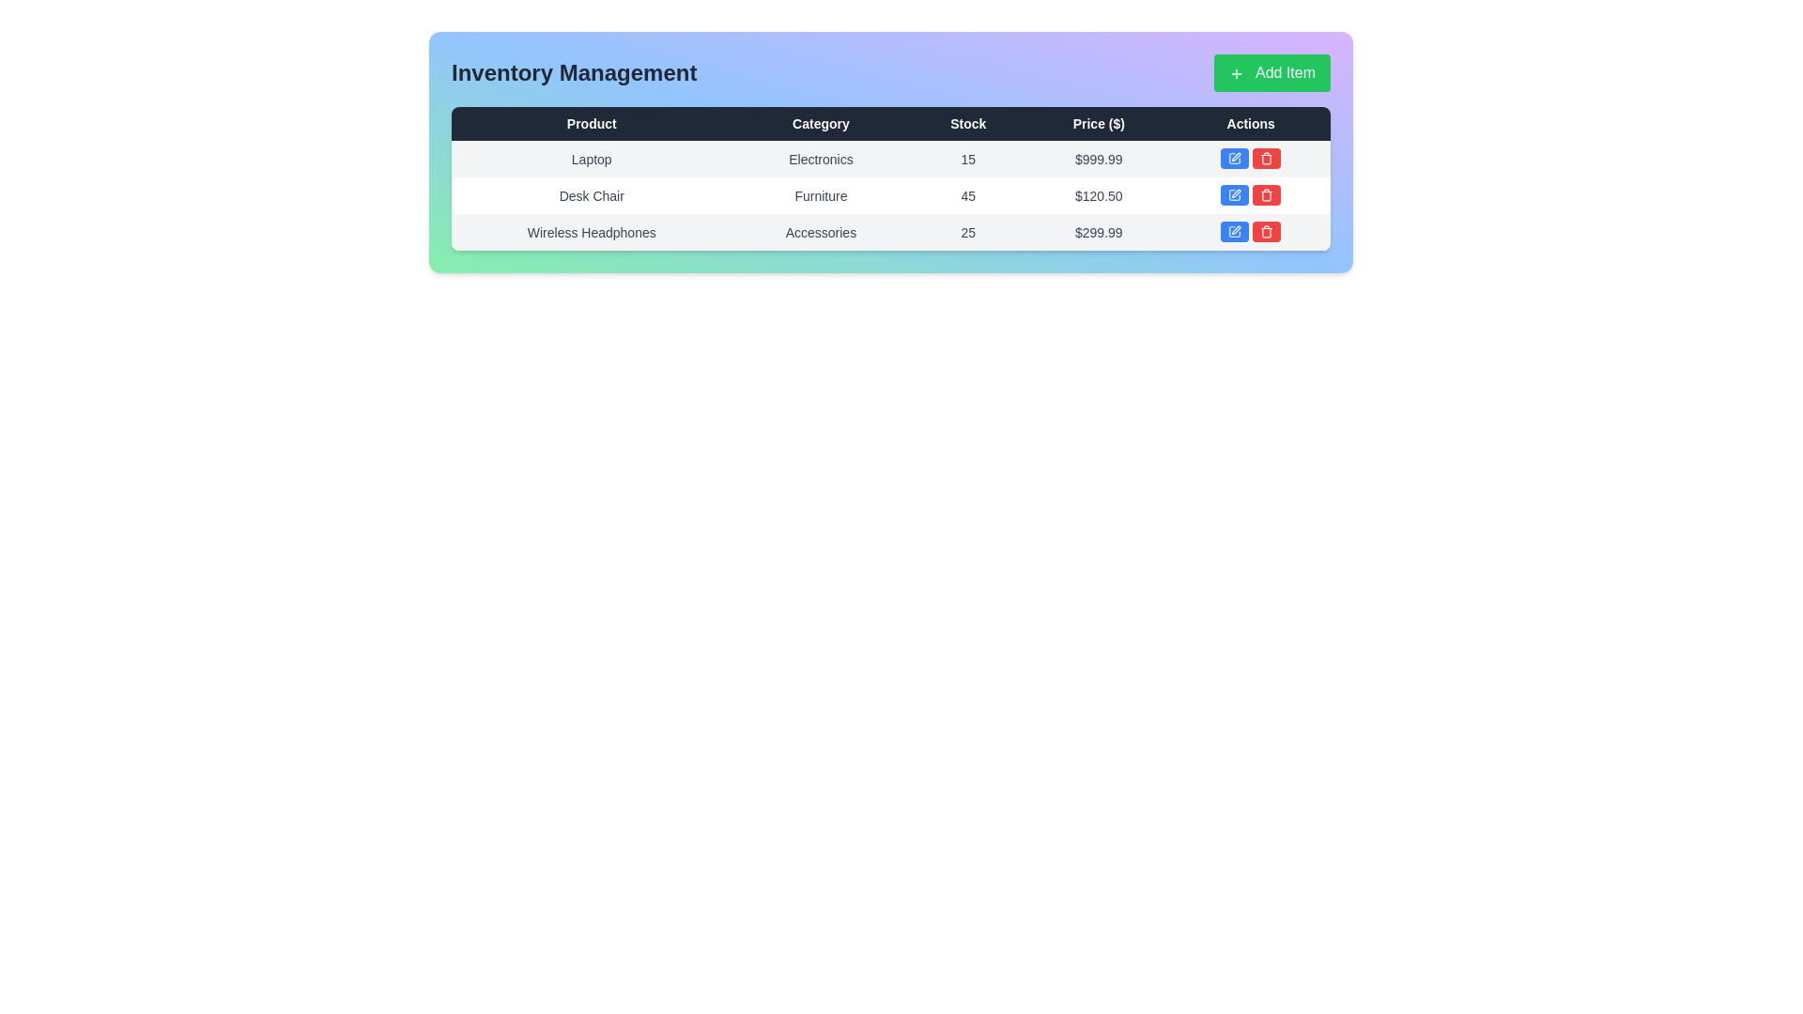 This screenshot has height=1014, width=1803. What do you see at coordinates (1267, 230) in the screenshot?
I see `the red trash bin icon button located under the 'Actions' column in the last row of the table, aligned with the 'Wireless Headphones' product` at bounding box center [1267, 230].